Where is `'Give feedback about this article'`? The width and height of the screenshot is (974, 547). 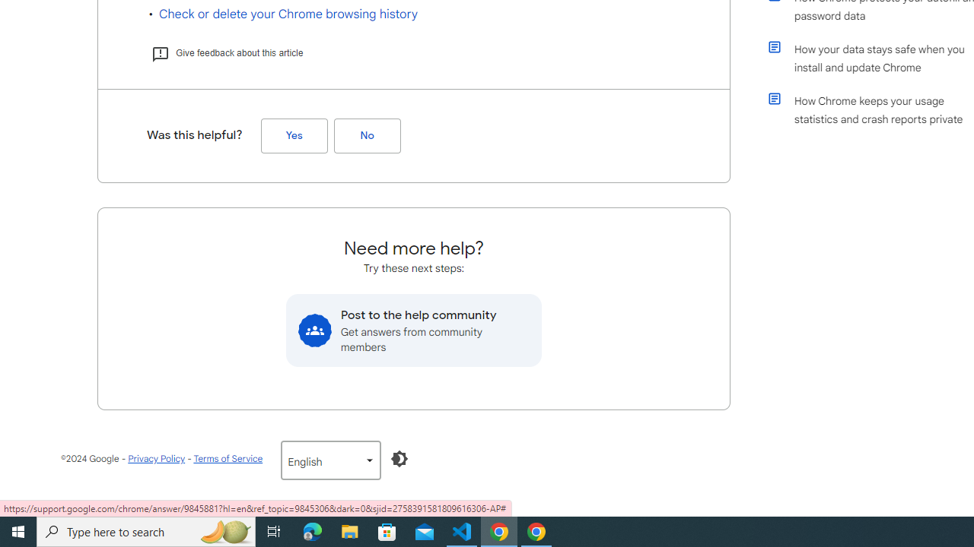
'Give feedback about this article' is located at coordinates (226, 52).